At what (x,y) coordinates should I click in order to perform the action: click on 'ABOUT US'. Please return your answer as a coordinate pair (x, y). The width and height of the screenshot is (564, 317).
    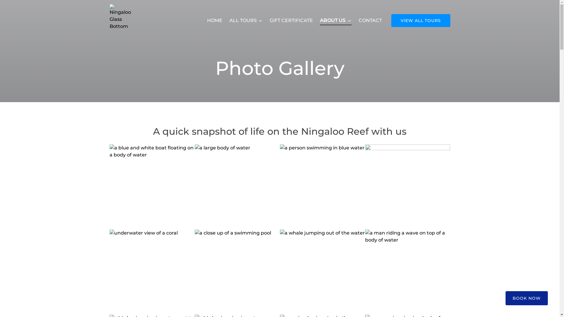
    Looking at the image, I should click on (335, 20).